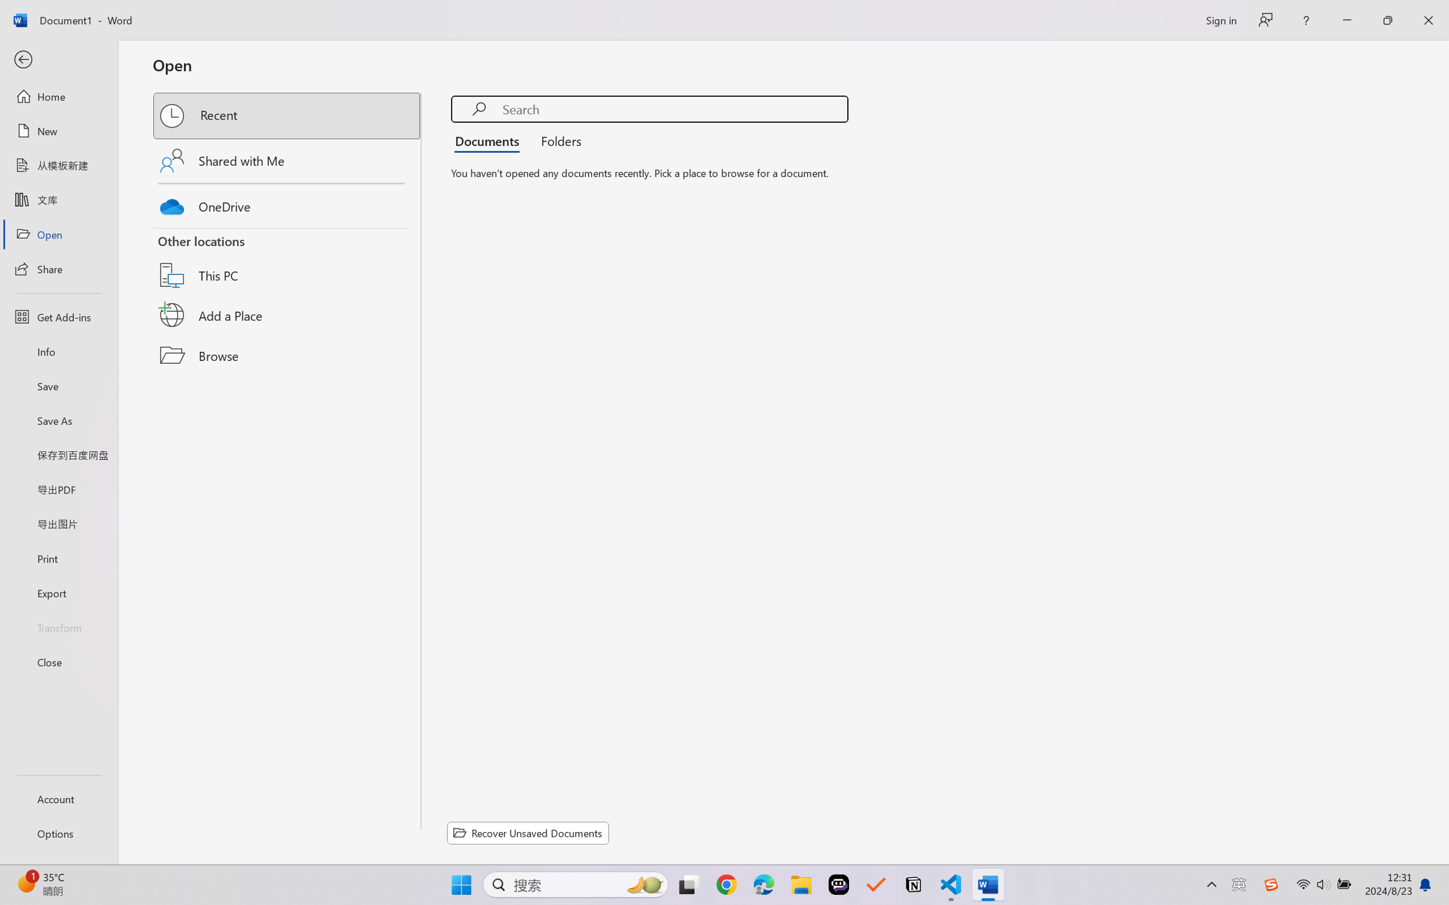 This screenshot has width=1449, height=905. I want to click on 'Info', so click(58, 351).